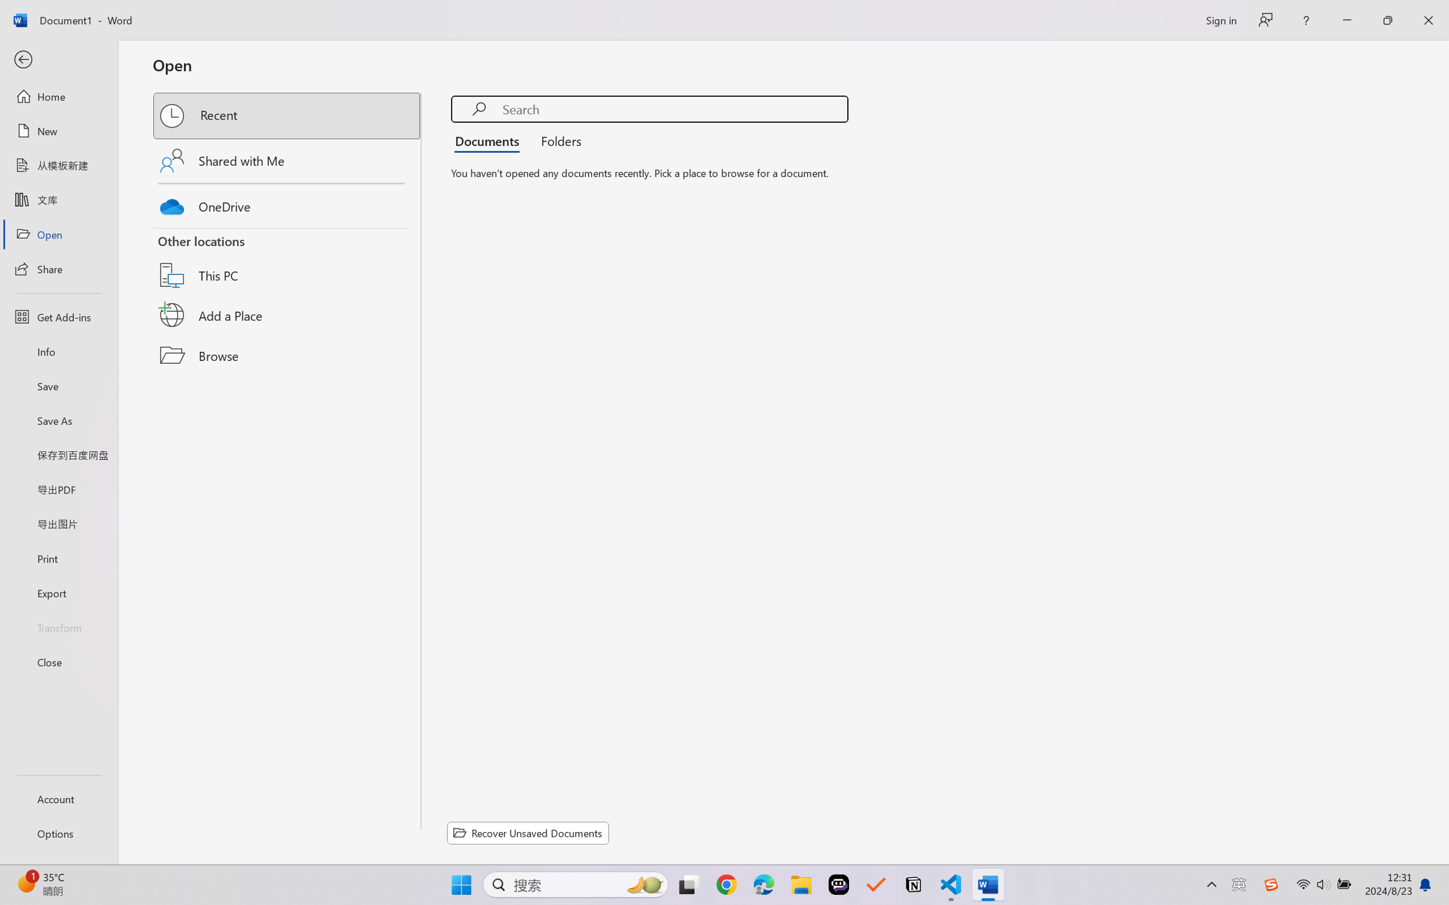 This screenshot has width=1449, height=905. I want to click on 'Info', so click(58, 351).